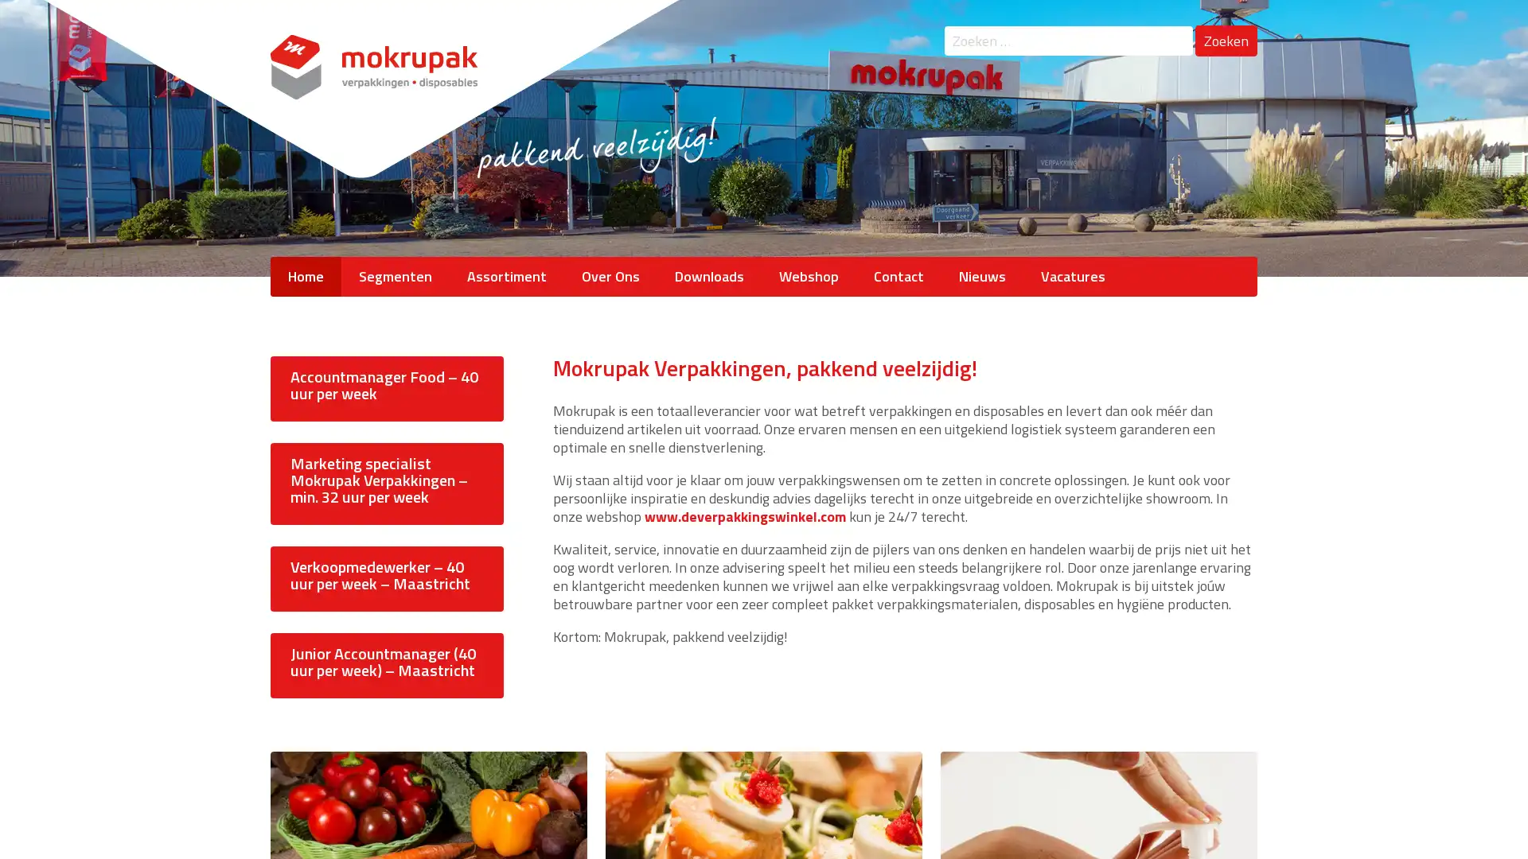 The width and height of the screenshot is (1528, 859). I want to click on Zoeken, so click(1225, 30).